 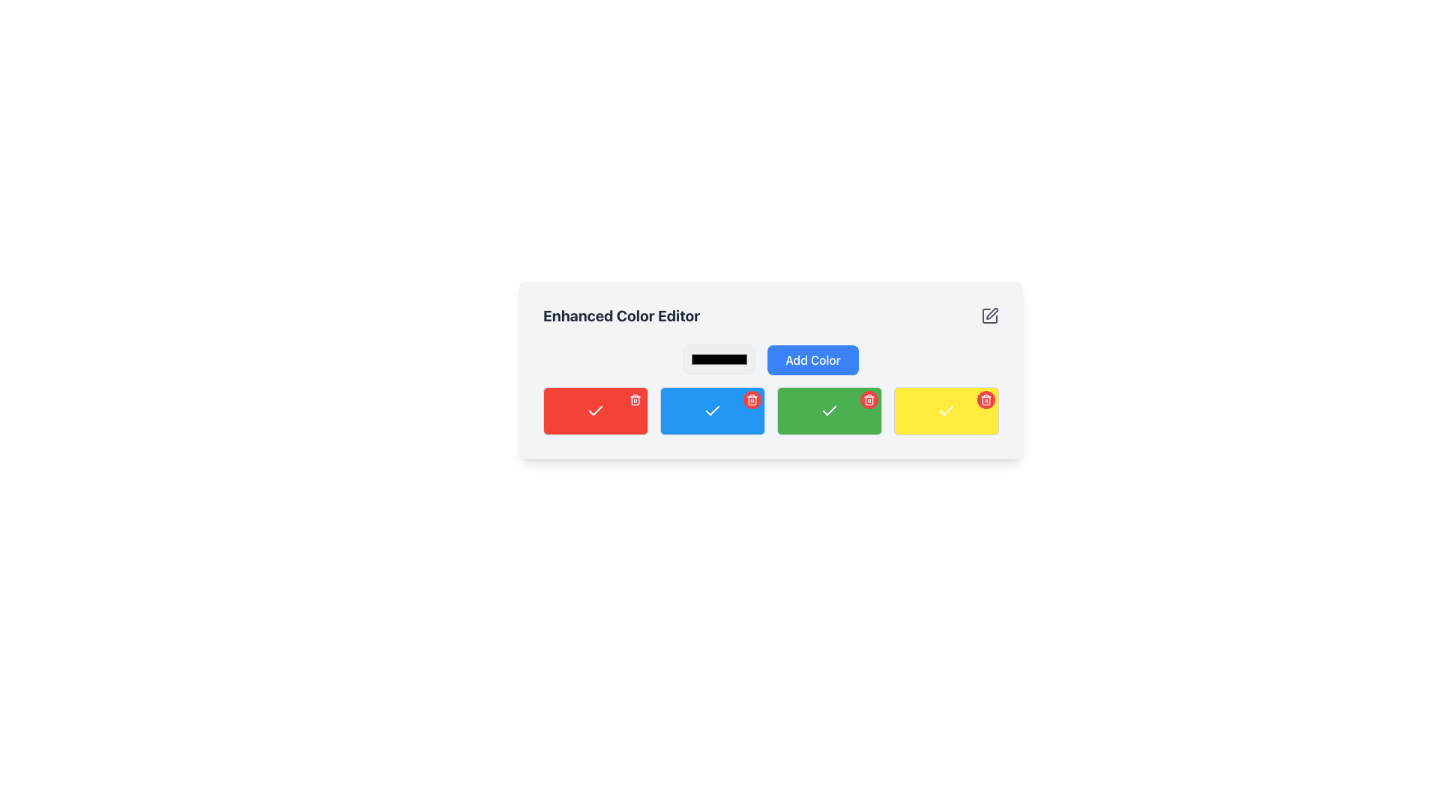 I want to click on the checkmark icon within the green rectangular button, which is the third button from the left in the row of color-coded buttons, so click(x=829, y=410).